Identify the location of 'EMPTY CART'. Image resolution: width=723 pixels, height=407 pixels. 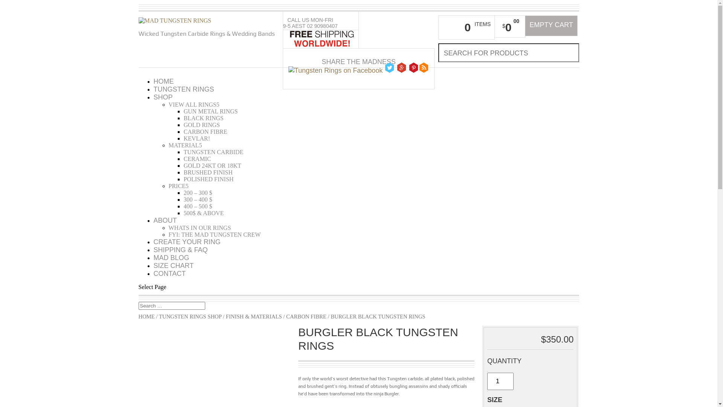
(551, 25).